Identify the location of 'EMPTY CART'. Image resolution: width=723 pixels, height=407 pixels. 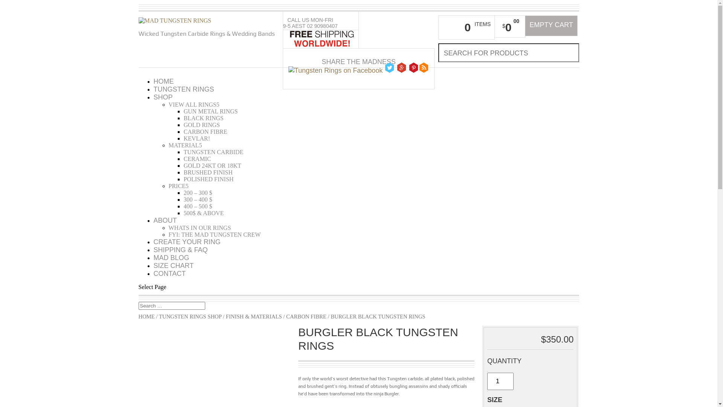
(551, 25).